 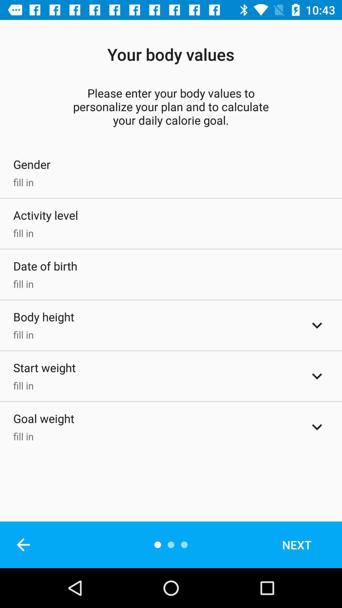 What do you see at coordinates (317, 325) in the screenshot?
I see `expands to show details` at bounding box center [317, 325].